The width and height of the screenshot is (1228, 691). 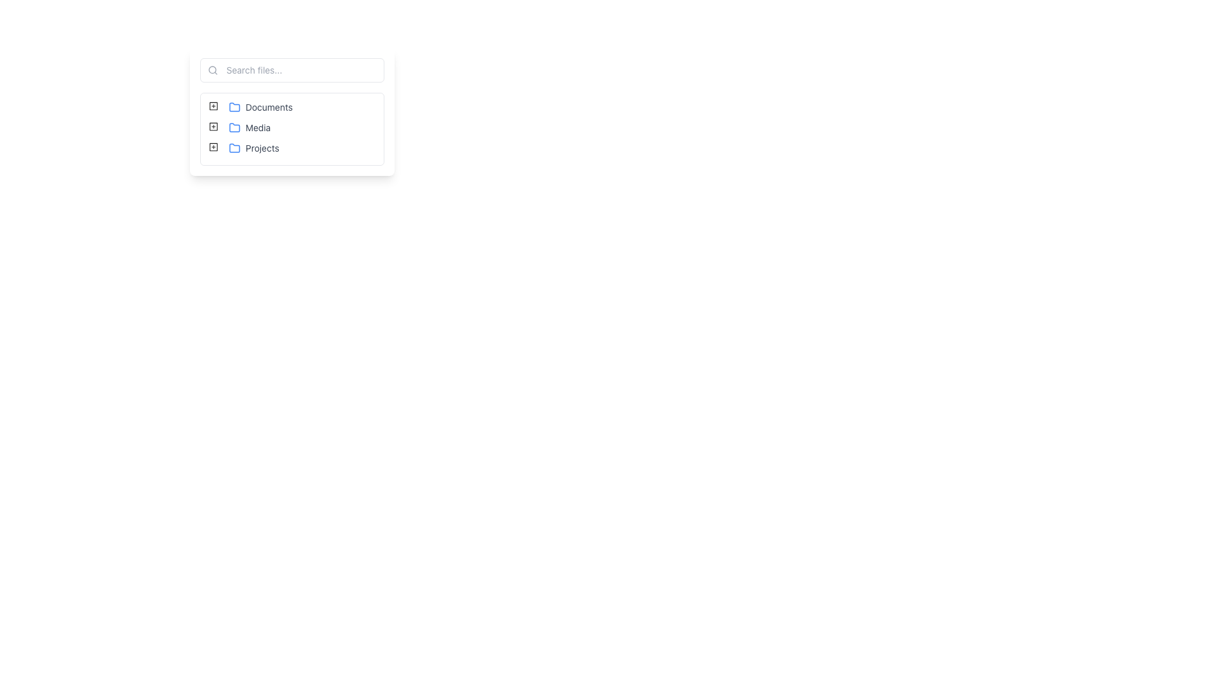 What do you see at coordinates (251, 107) in the screenshot?
I see `the 'Documents' folder item, represented by a blue folder icon and label` at bounding box center [251, 107].